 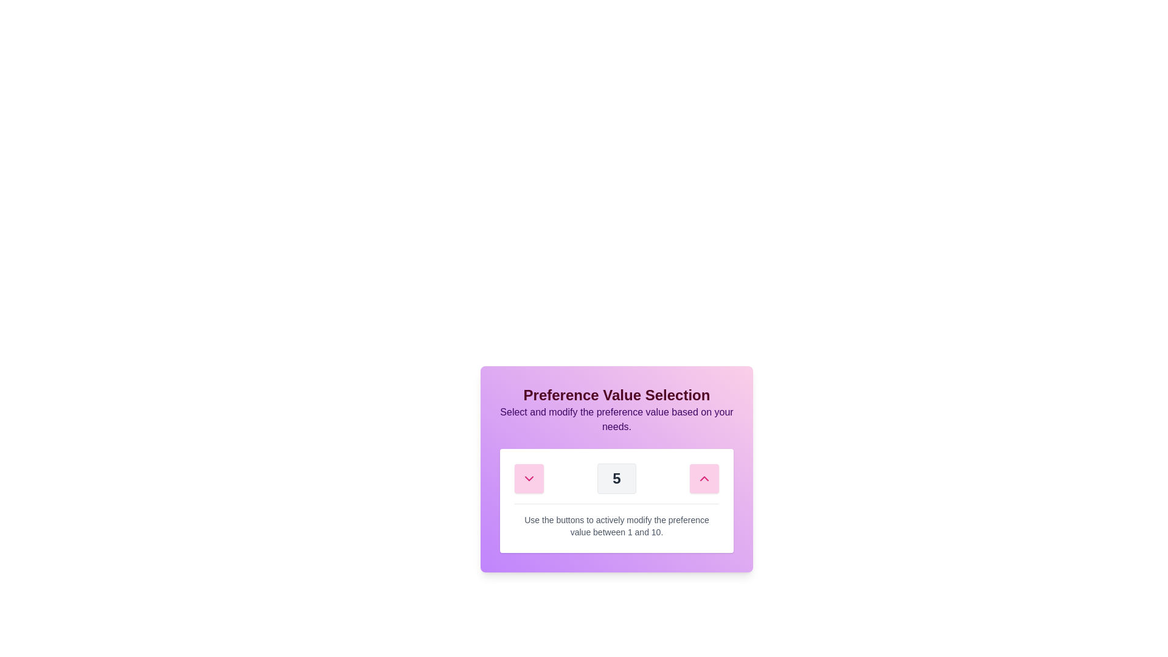 What do you see at coordinates (529, 478) in the screenshot?
I see `the decrement icon within the left-most button in the 'Preference Value Selection' card for visual feedback` at bounding box center [529, 478].